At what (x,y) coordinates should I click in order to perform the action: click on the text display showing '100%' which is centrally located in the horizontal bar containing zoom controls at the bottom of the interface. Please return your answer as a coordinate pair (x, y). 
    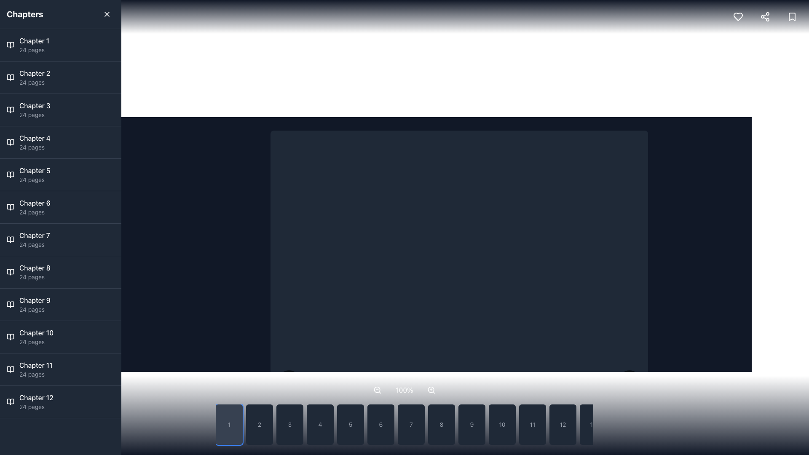
    Looking at the image, I should click on (404, 390).